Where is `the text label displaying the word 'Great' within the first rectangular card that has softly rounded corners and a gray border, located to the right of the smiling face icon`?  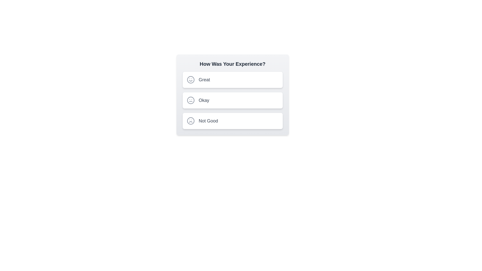
the text label displaying the word 'Great' within the first rectangular card that has softly rounded corners and a gray border, located to the right of the smiling face icon is located at coordinates (204, 79).